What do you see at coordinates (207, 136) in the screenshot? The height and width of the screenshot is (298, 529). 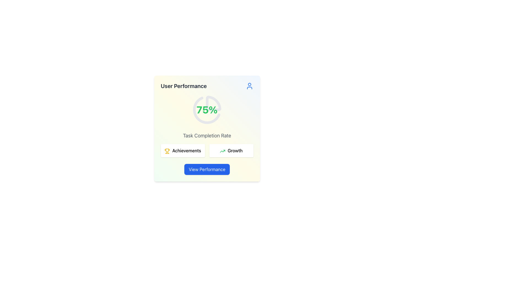 I see `the descriptive text label that explains the significance of the '75%' task completion rate, positioned below the statistic and above the 'Achievements' and 'Growth' sections` at bounding box center [207, 136].